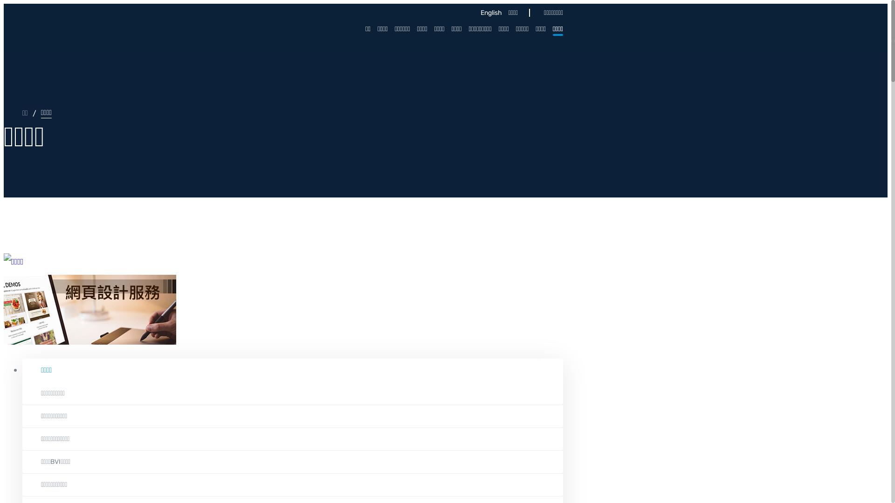 The width and height of the screenshot is (895, 503). Describe the element at coordinates (489, 13) in the screenshot. I see `'English'` at that location.